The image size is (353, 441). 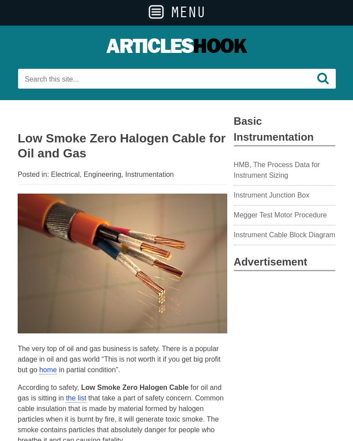 What do you see at coordinates (279, 214) in the screenshot?
I see `'Megger Test Motor Procedure'` at bounding box center [279, 214].